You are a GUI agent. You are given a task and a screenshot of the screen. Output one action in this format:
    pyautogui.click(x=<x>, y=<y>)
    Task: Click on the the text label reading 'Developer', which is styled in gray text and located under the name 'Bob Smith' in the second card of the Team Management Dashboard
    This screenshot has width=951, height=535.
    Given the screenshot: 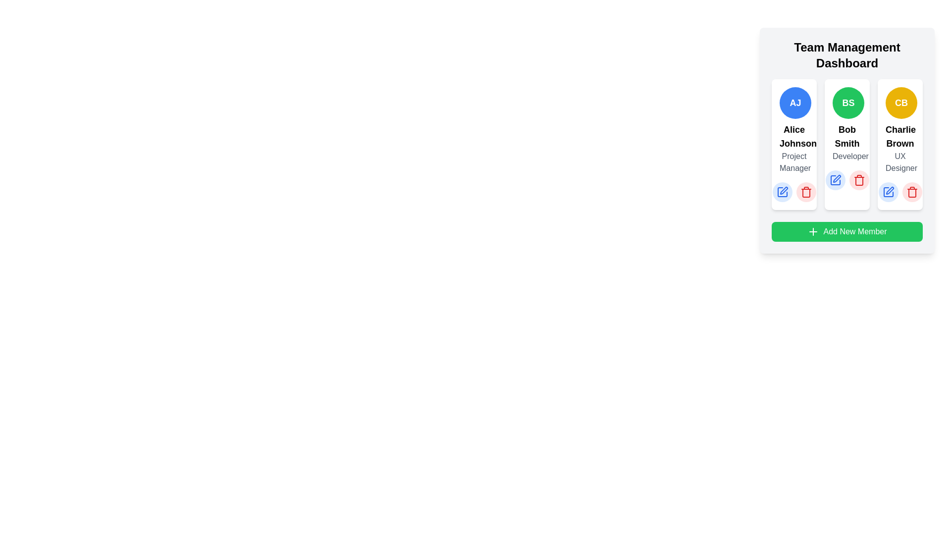 What is the action you would take?
    pyautogui.click(x=846, y=156)
    